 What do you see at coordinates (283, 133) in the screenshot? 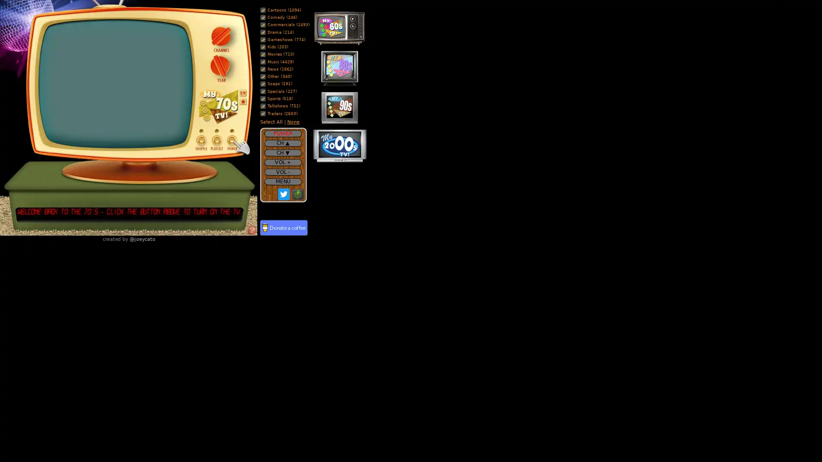
I see `POWER` at bounding box center [283, 133].